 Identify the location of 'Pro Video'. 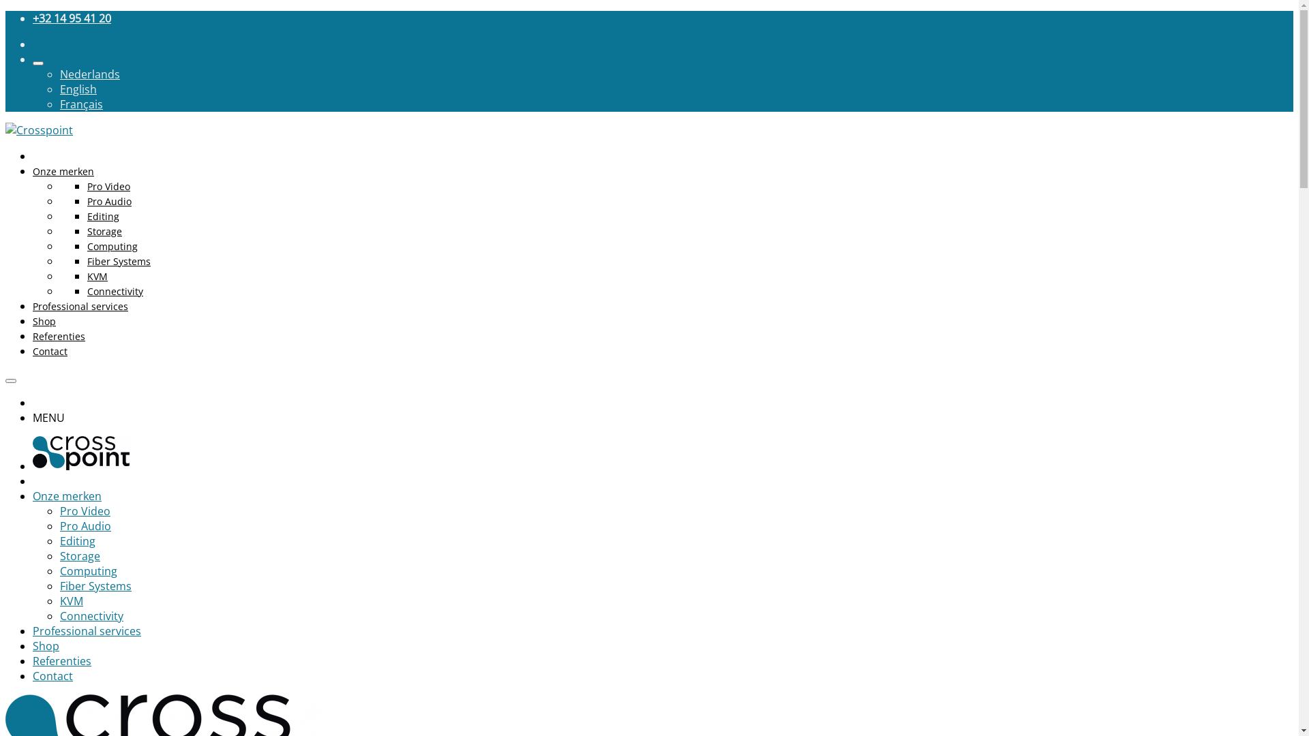
(108, 186).